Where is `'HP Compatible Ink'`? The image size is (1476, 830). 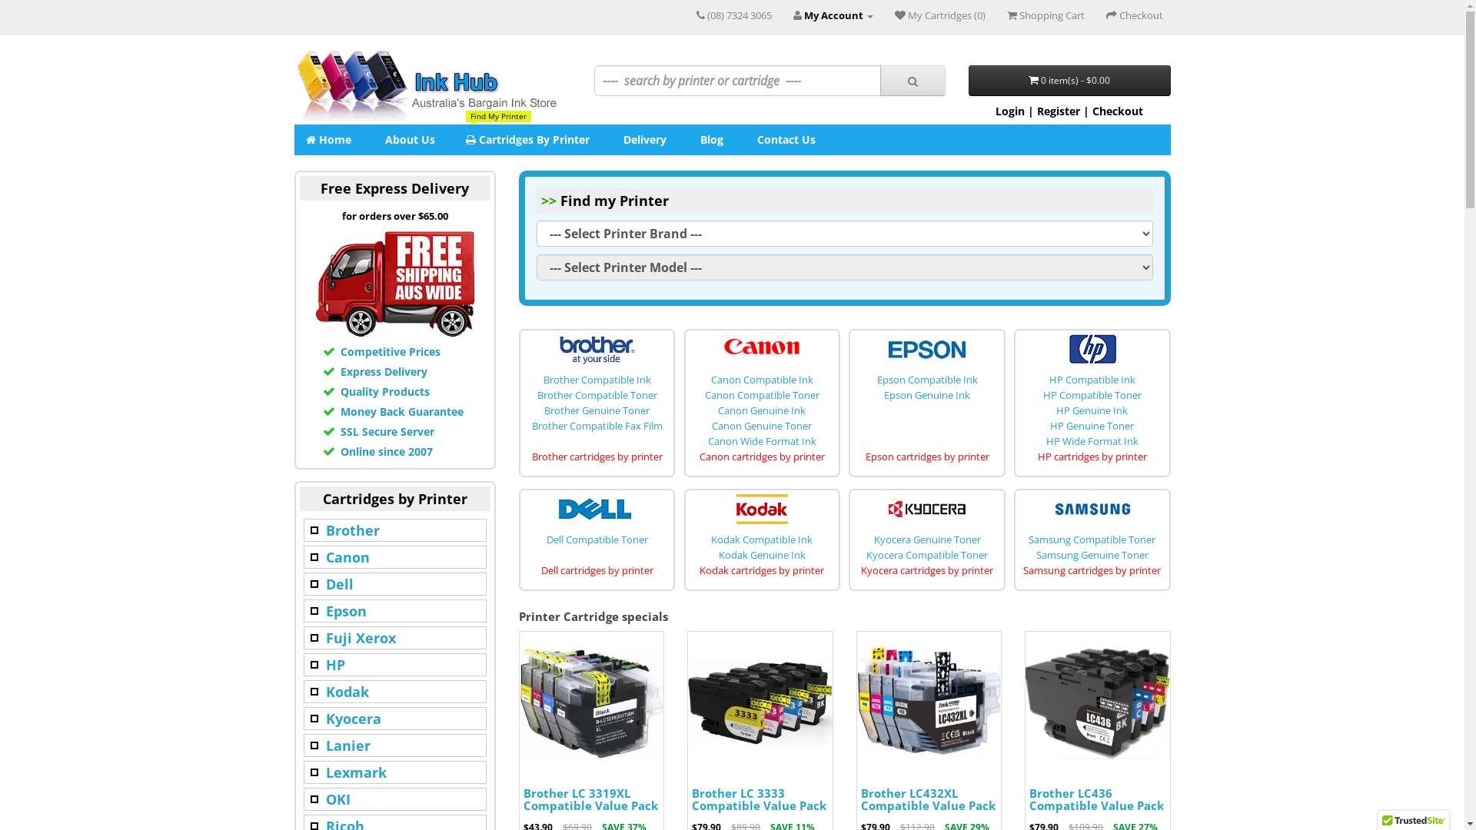
'HP Compatible Ink' is located at coordinates (1091, 379).